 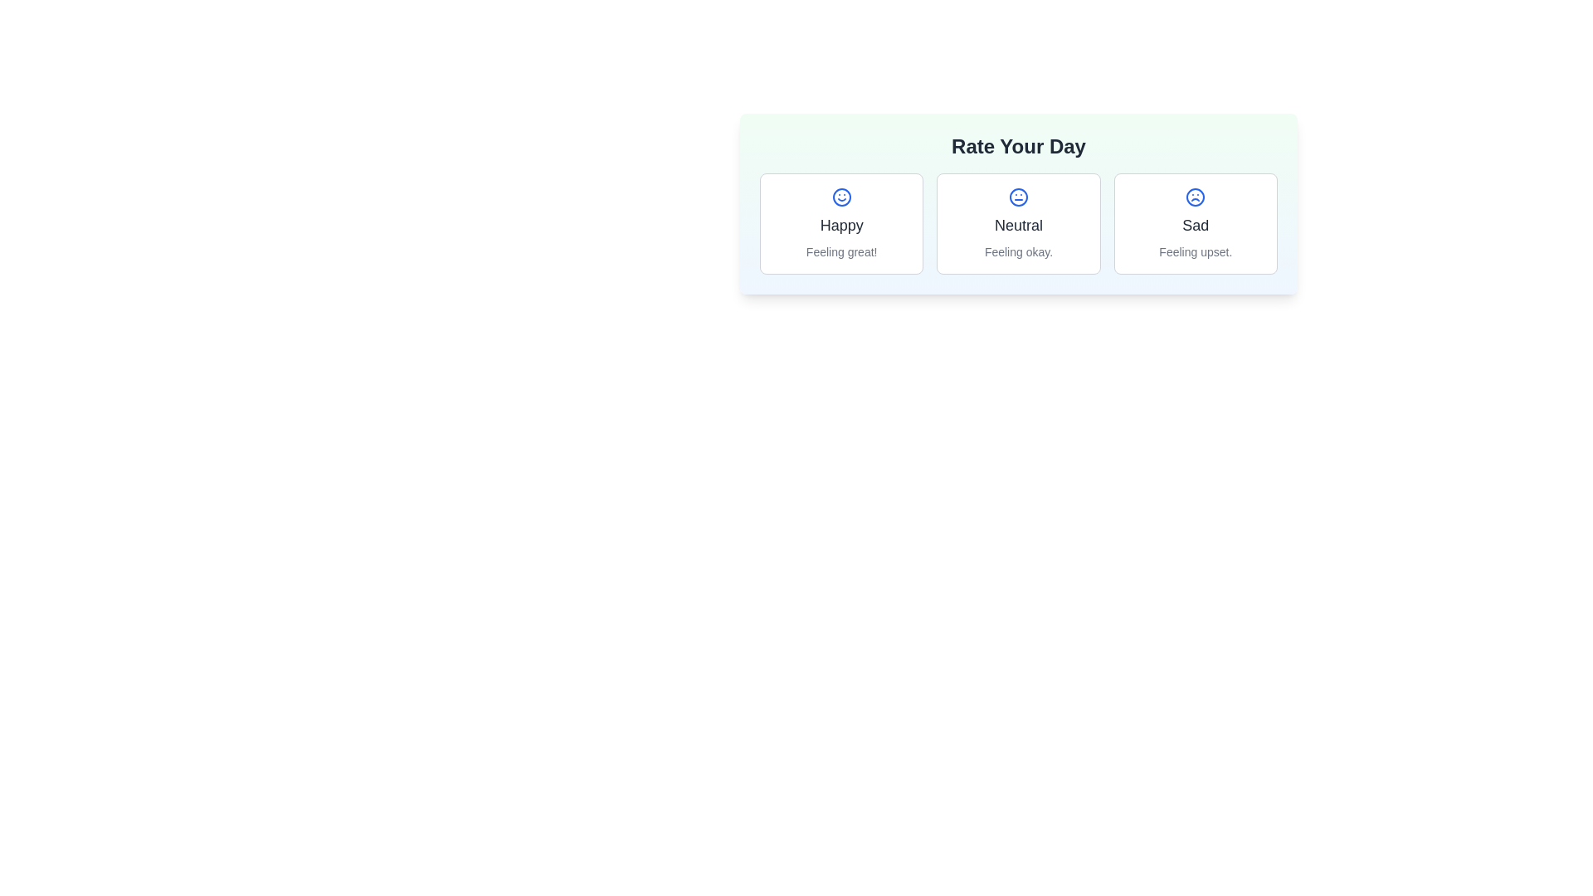 I want to click on the central circular decorative element of the frowning face icon in the rightmost card of the 'Rate Your Day' section, so click(x=1196, y=197).